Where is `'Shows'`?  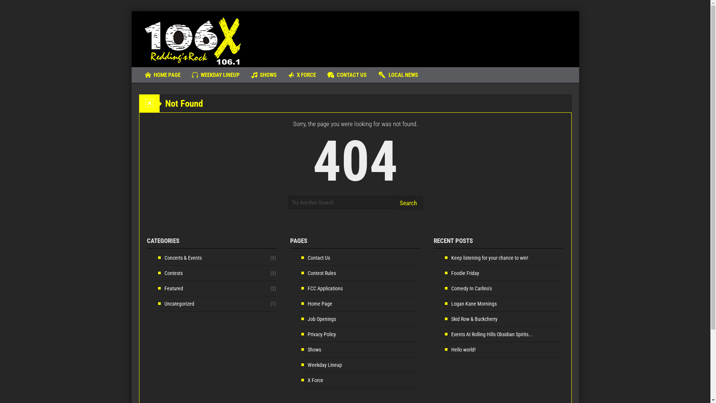 'Shows' is located at coordinates (301, 350).